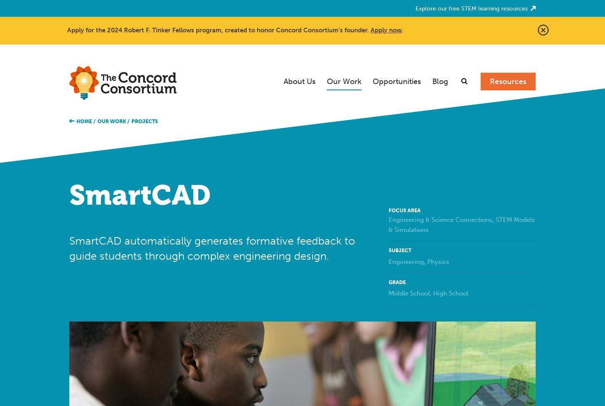  What do you see at coordinates (139, 195) in the screenshot?
I see `'SmartCAD'` at bounding box center [139, 195].